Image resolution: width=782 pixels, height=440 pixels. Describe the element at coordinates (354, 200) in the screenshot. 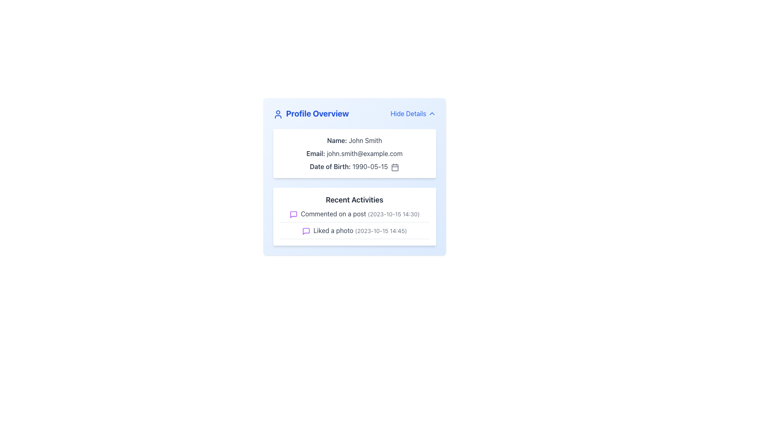

I see `text from the 'Recent Activities' header, which is a bold, dark gray textual label positioned below the 'Profile Overview' section` at that location.